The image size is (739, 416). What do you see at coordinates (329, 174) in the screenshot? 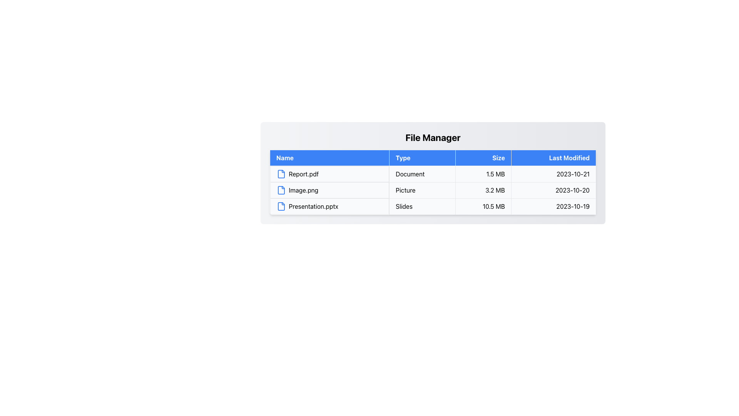
I see `the table cell content labeled 'Report.pdf', which is the first entry` at bounding box center [329, 174].